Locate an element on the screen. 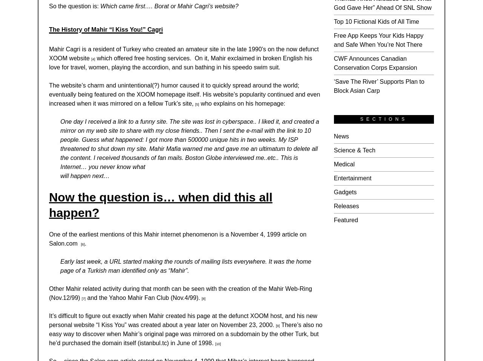 The image size is (483, 361). 'Medical' is located at coordinates (333, 164).